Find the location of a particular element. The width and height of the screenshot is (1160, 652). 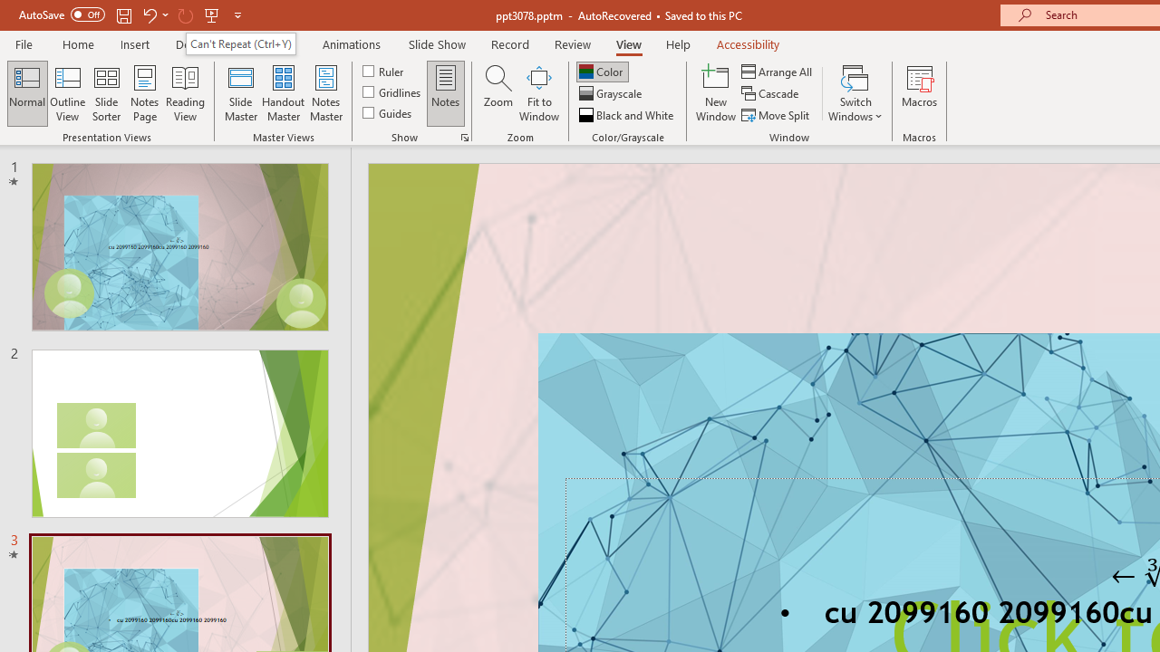

'Arrange All' is located at coordinates (778, 71).